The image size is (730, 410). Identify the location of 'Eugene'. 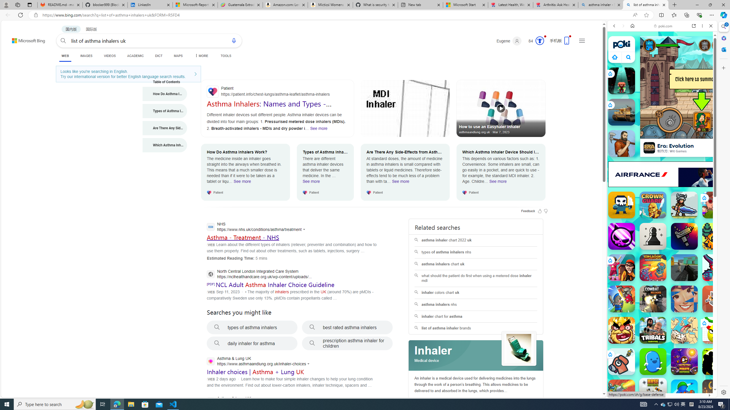
(509, 41).